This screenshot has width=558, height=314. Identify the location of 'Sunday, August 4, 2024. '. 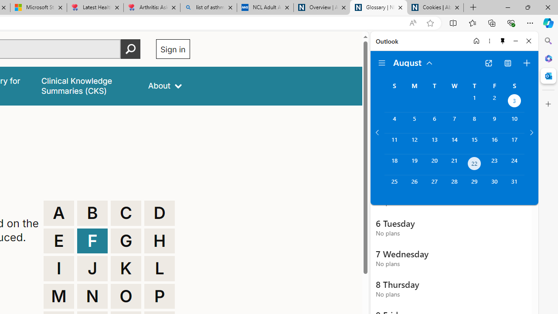
(394, 123).